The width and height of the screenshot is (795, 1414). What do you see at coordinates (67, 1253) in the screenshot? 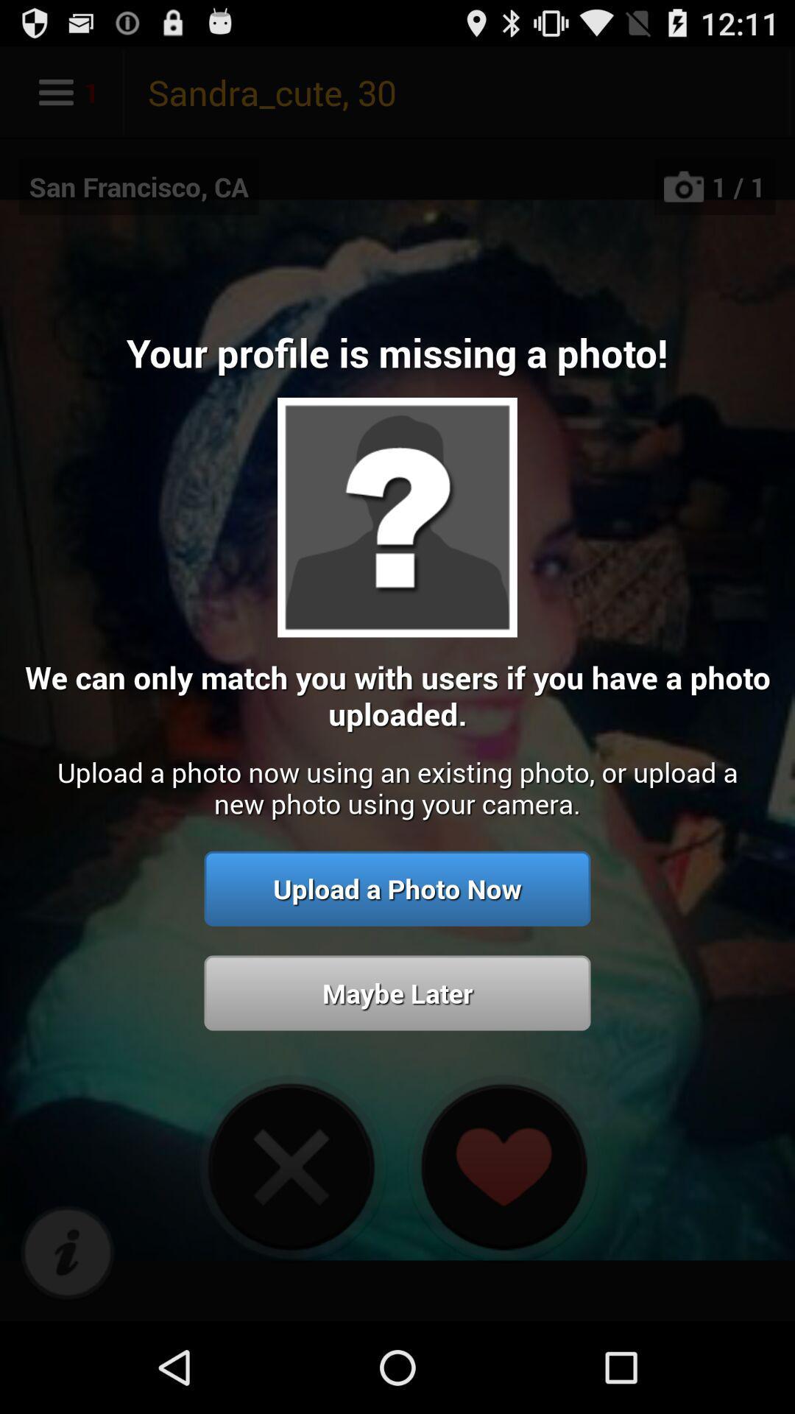
I see `shows i icon` at bounding box center [67, 1253].